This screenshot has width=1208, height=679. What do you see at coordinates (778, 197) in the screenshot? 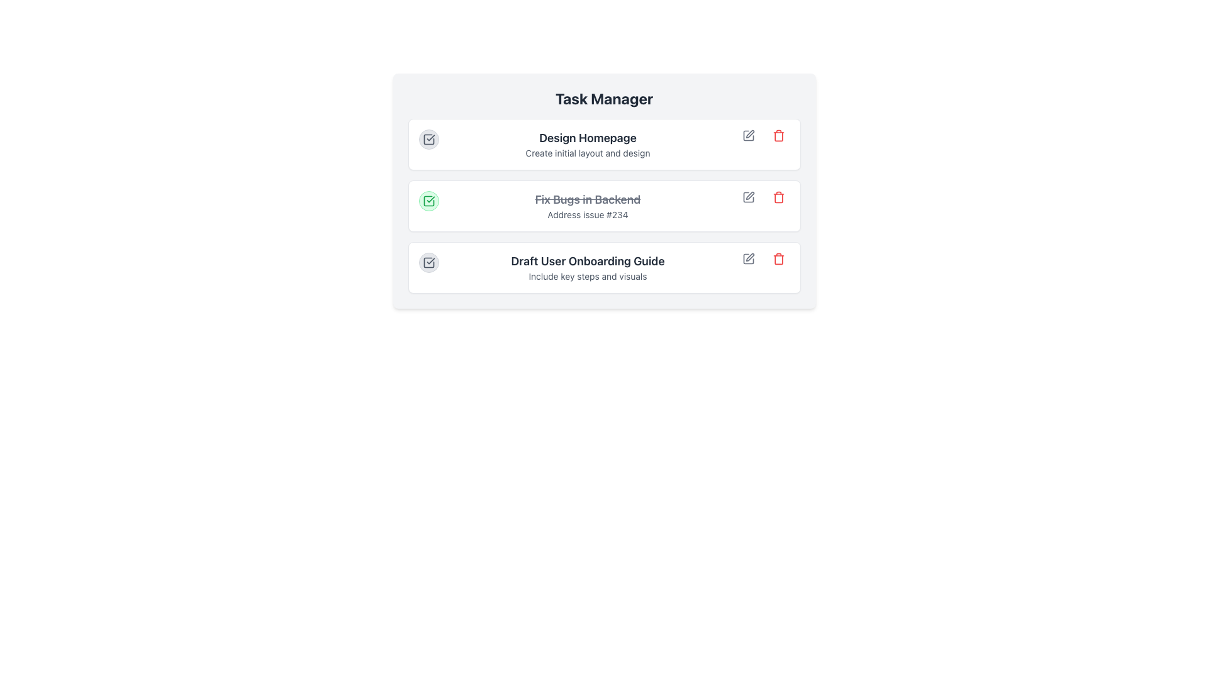
I see `the trash icon outlined in red, located in the second row of the task list next to the task titled 'Fix Bugs in Backend'` at bounding box center [778, 197].